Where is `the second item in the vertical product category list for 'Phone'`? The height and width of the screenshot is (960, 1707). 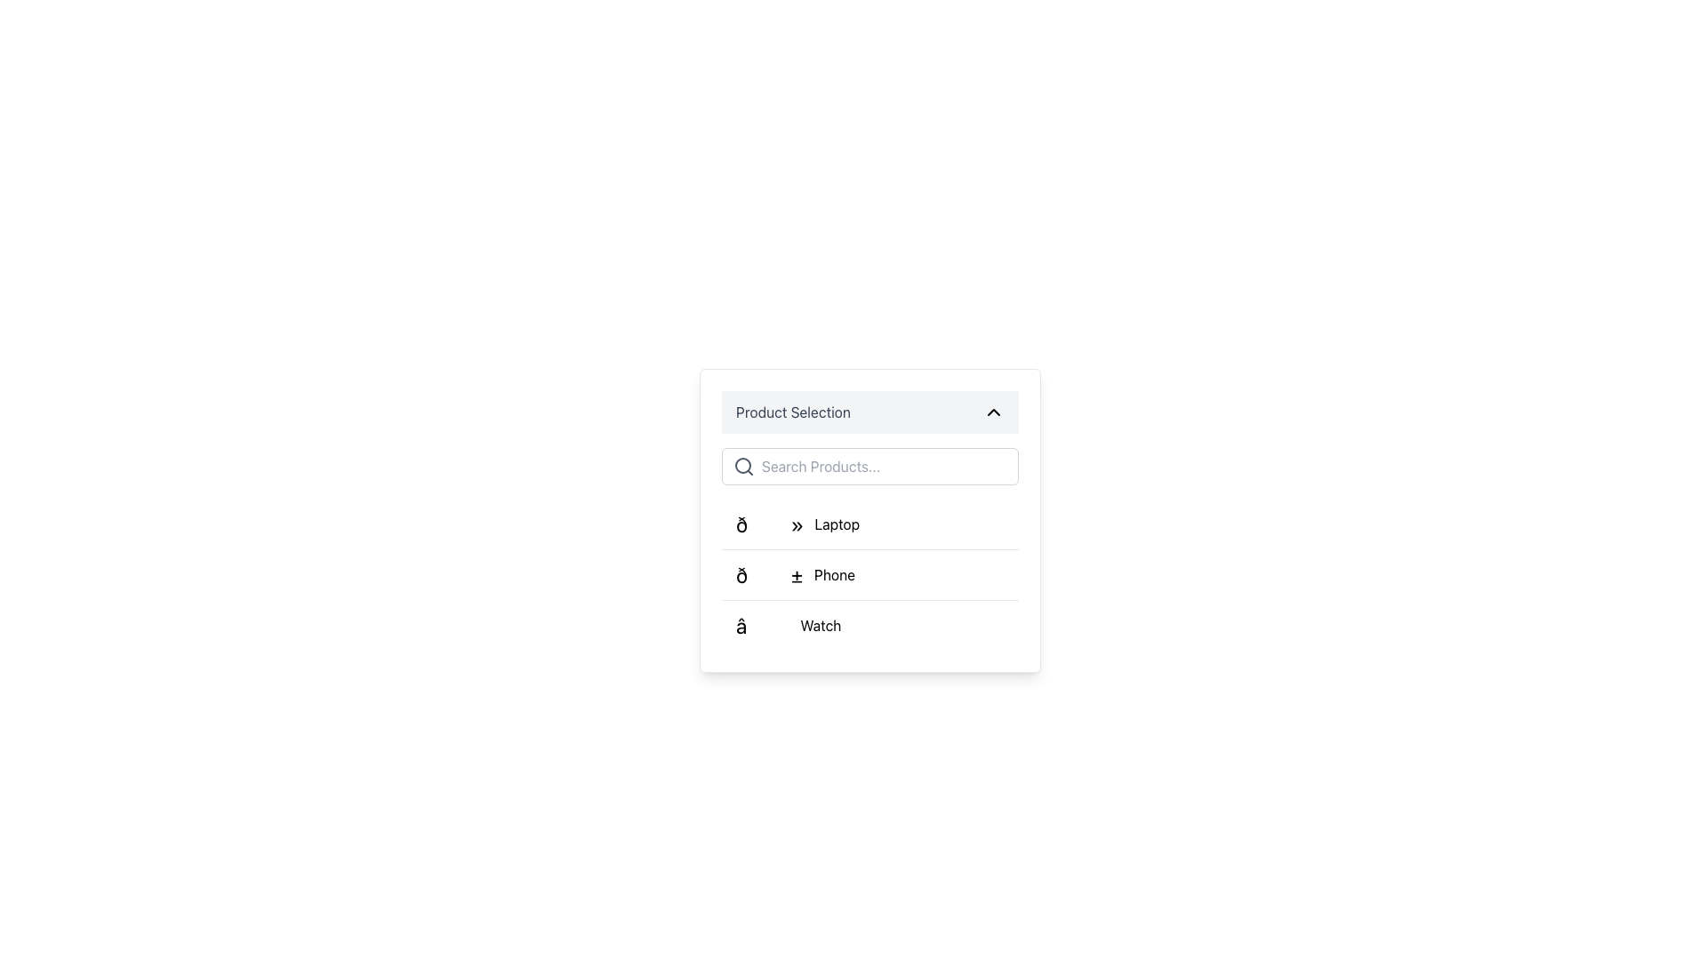
the second item in the vertical product category list for 'Phone' is located at coordinates (870, 575).